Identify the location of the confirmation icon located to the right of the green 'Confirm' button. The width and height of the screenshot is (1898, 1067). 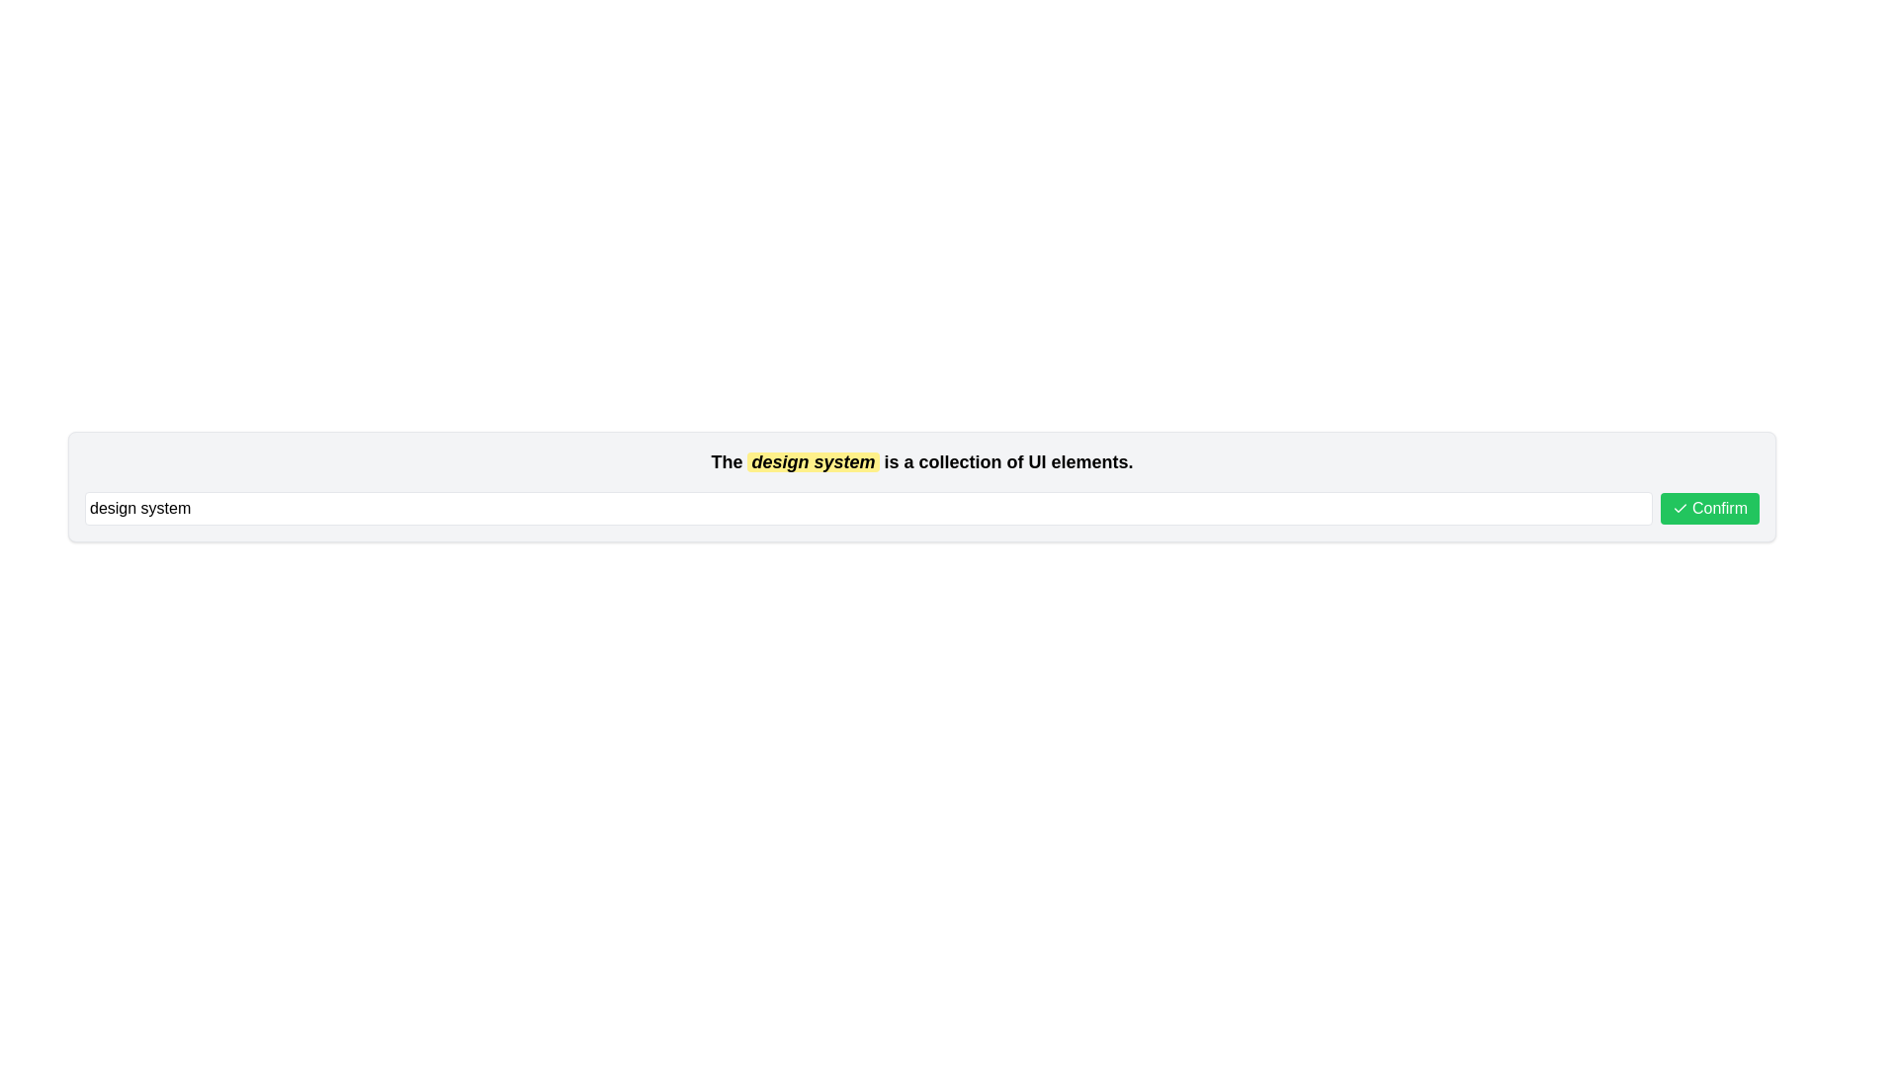
(1679, 508).